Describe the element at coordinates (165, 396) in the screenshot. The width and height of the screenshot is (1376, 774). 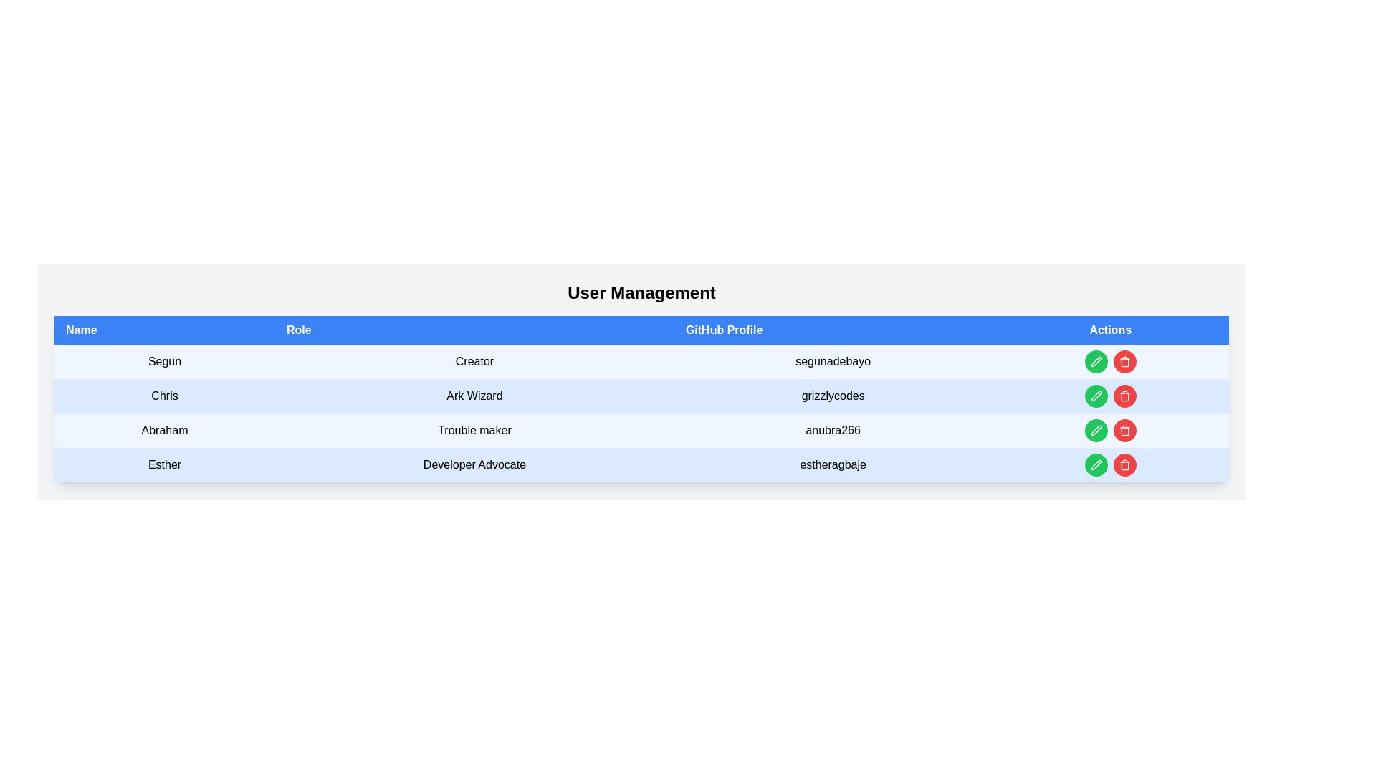
I see `the text label 'Chris' located in the first cell of the second row under the 'Name' header for selection` at that location.